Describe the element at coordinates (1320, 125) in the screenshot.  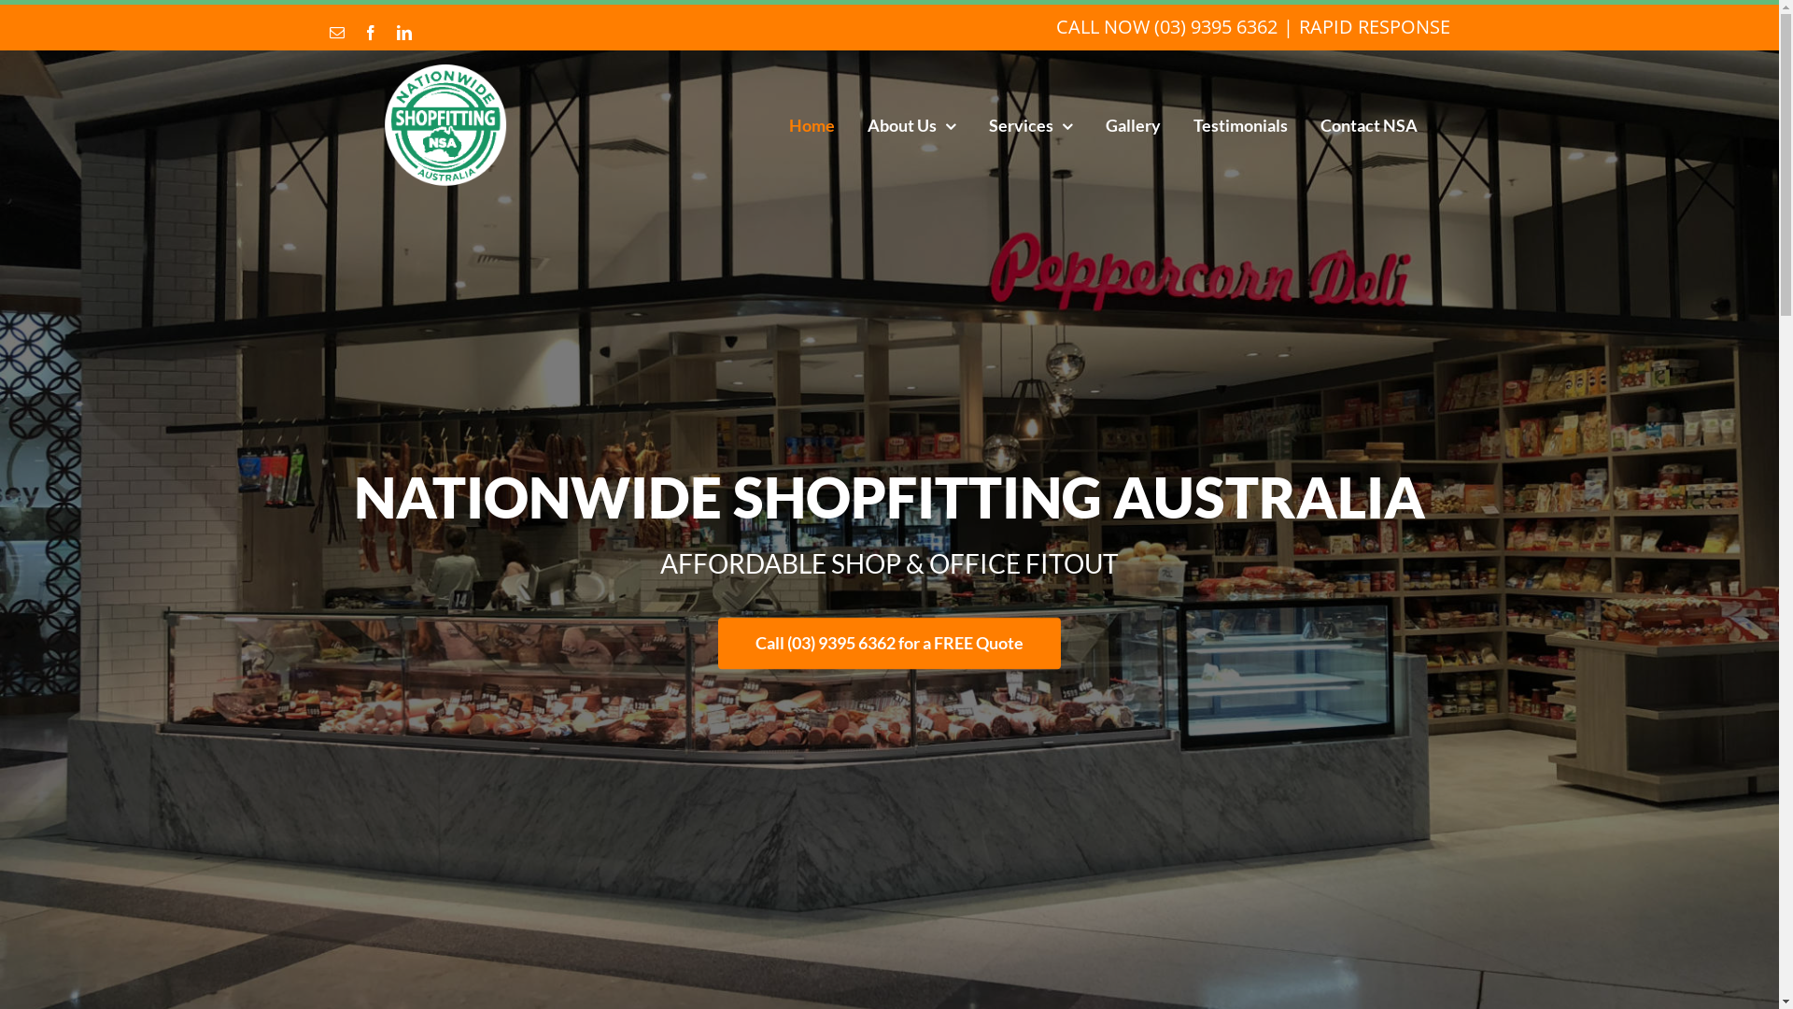
I see `'Contact NSA'` at that location.